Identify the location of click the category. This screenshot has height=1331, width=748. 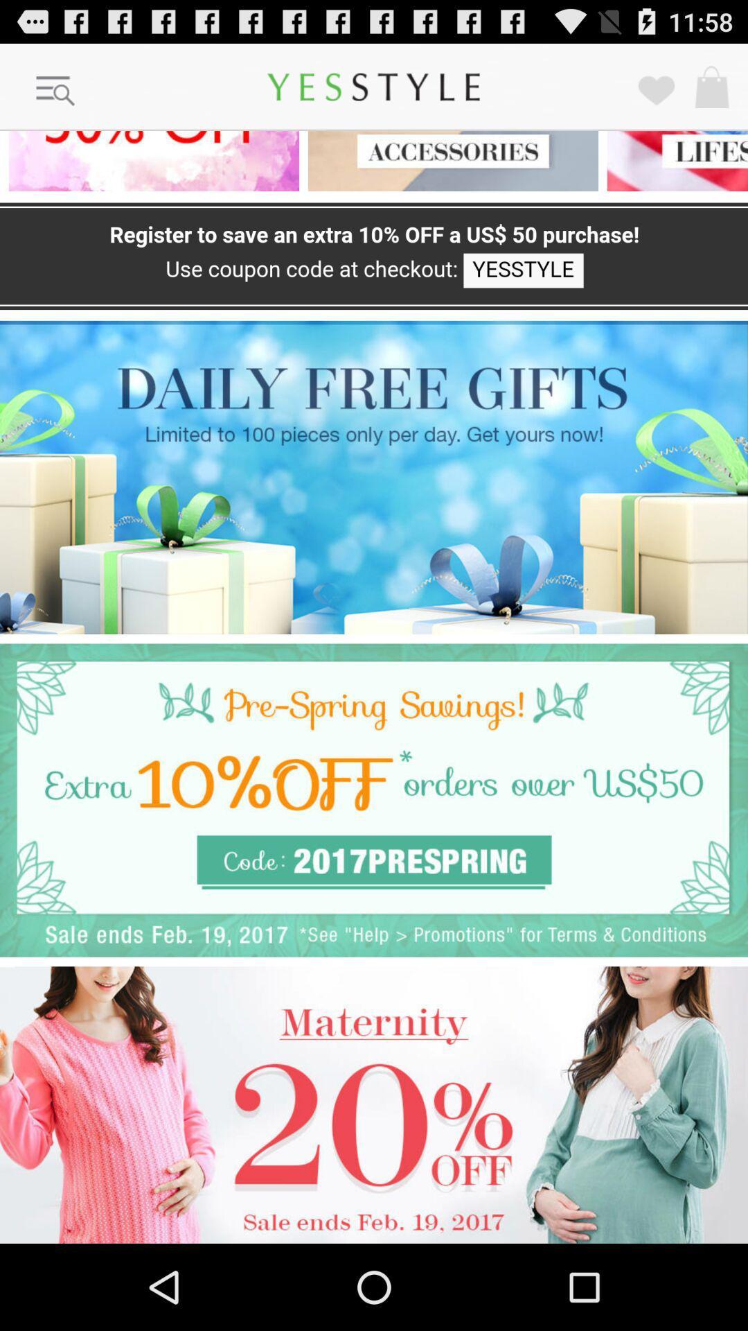
(673, 161).